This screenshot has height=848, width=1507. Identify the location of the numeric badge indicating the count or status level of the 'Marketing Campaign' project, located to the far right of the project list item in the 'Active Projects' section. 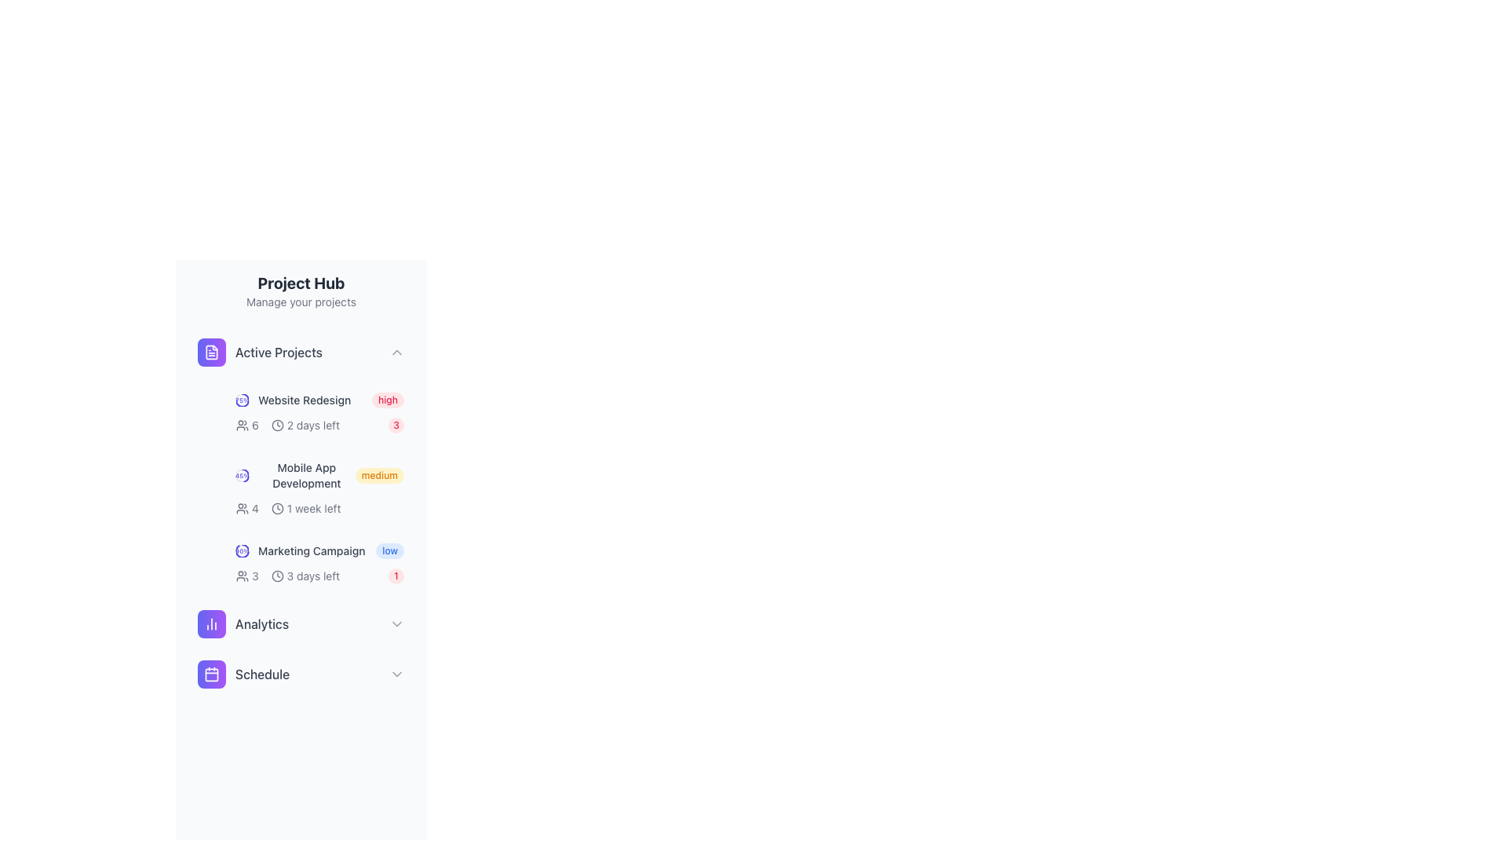
(396, 576).